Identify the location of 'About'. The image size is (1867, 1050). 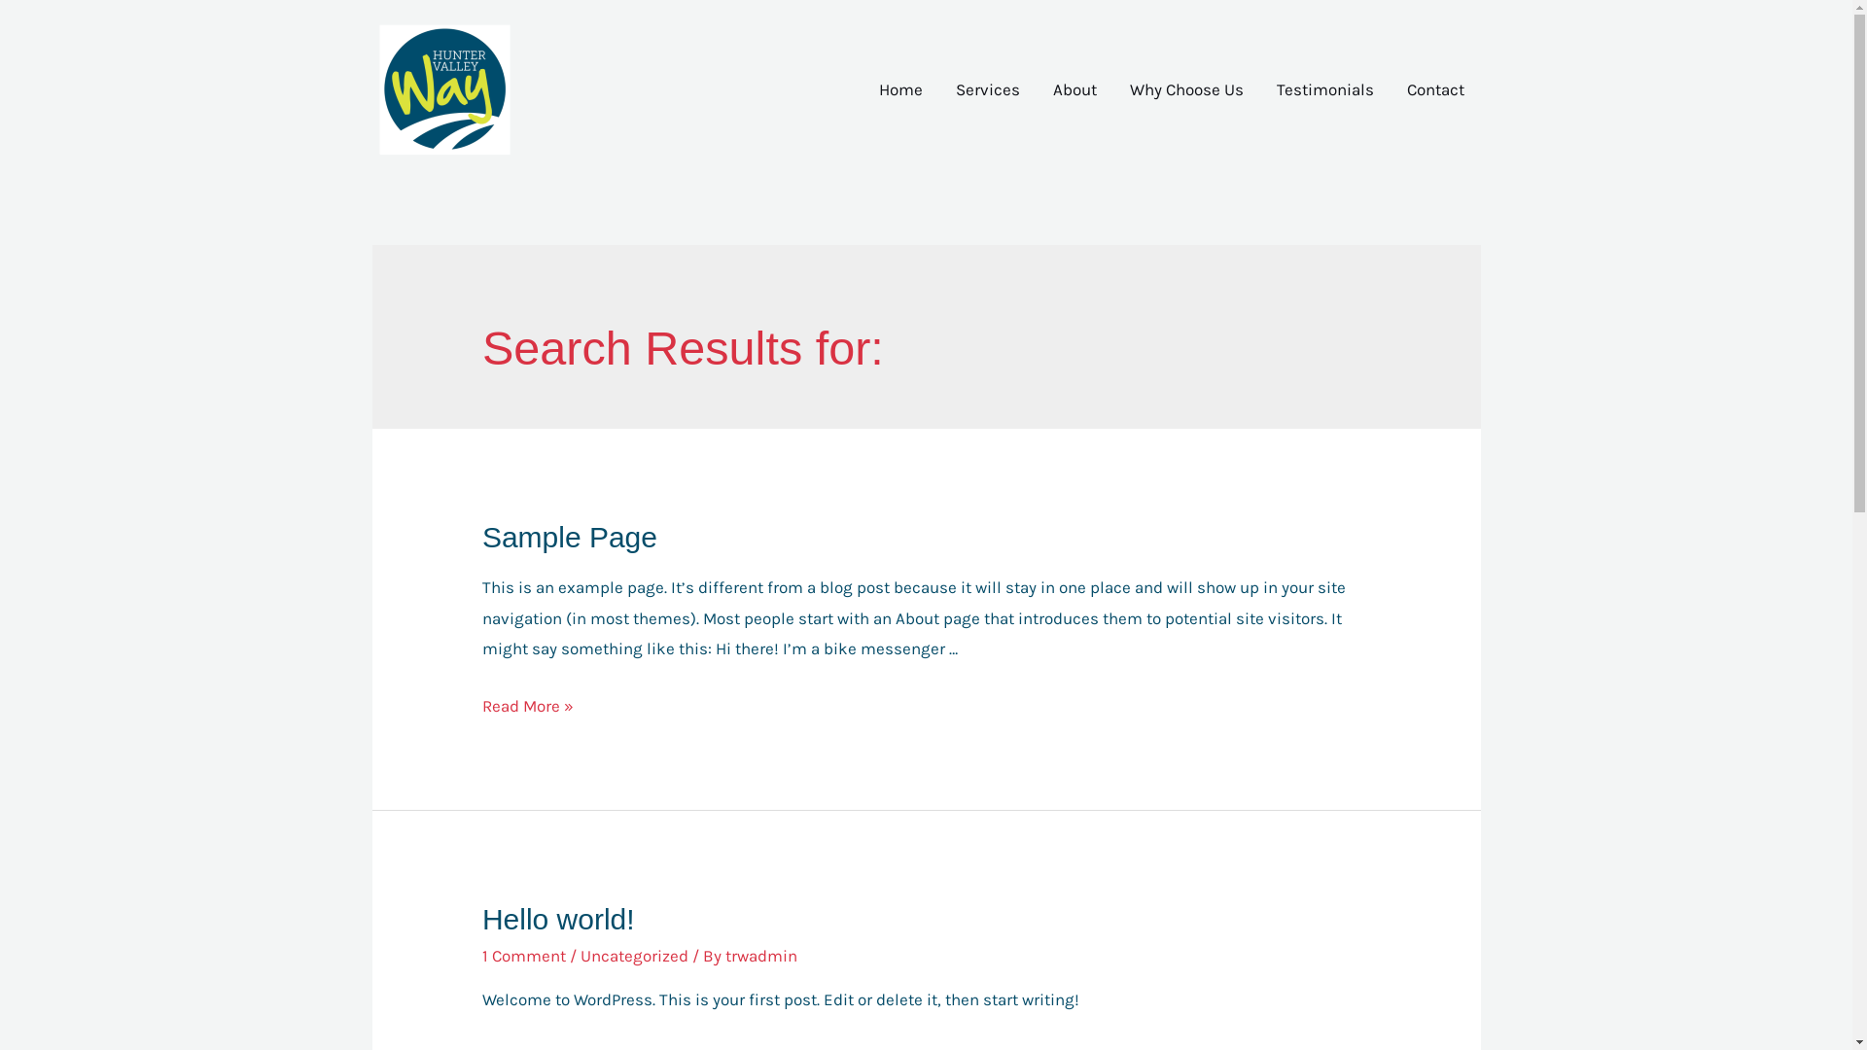
(1035, 89).